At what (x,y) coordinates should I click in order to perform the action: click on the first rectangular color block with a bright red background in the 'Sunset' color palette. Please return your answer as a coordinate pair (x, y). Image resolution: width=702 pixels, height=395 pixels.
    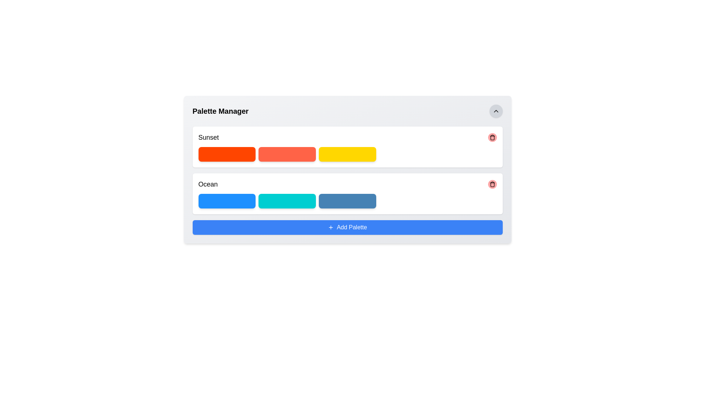
    Looking at the image, I should click on (226, 154).